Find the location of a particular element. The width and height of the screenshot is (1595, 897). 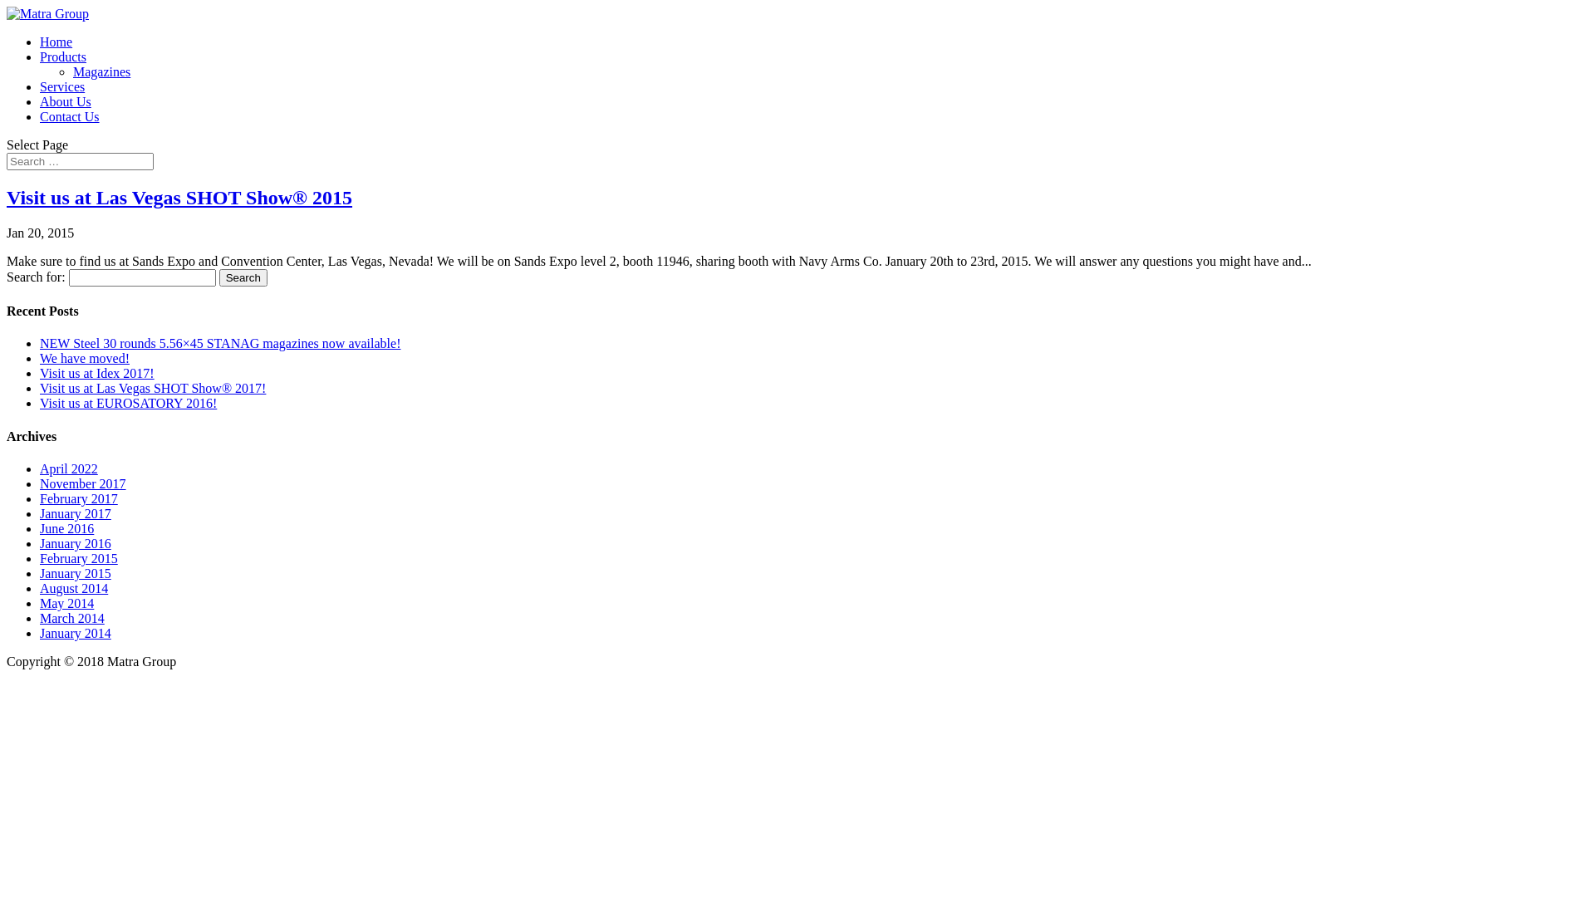

'January 2016' is located at coordinates (75, 543).